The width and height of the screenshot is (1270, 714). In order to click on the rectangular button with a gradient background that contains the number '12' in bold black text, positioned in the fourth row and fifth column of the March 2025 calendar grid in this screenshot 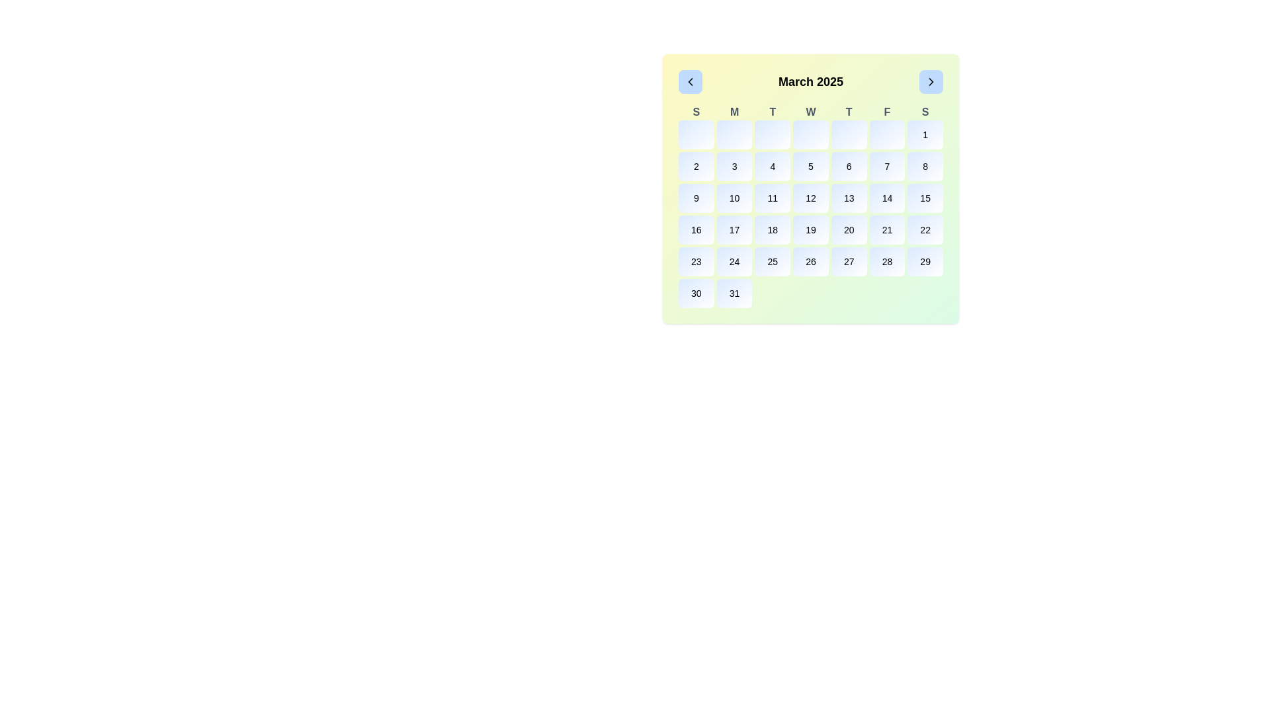, I will do `click(810, 198)`.